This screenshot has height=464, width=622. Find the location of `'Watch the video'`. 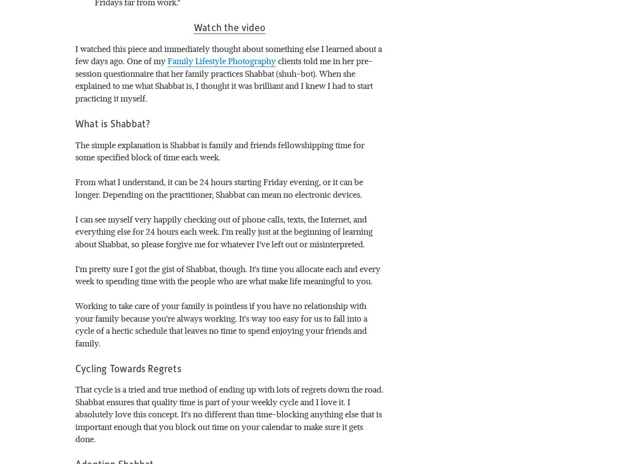

'Watch the video' is located at coordinates (193, 26).